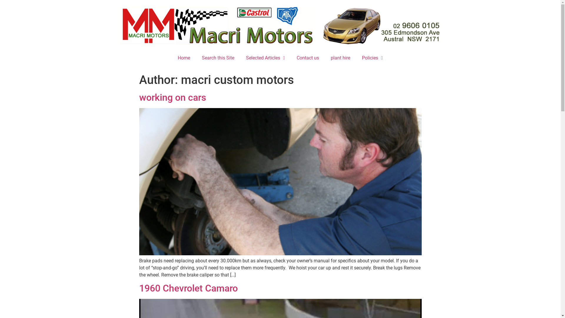 The image size is (565, 318). What do you see at coordinates (196, 58) in the screenshot?
I see `'Search this Site'` at bounding box center [196, 58].